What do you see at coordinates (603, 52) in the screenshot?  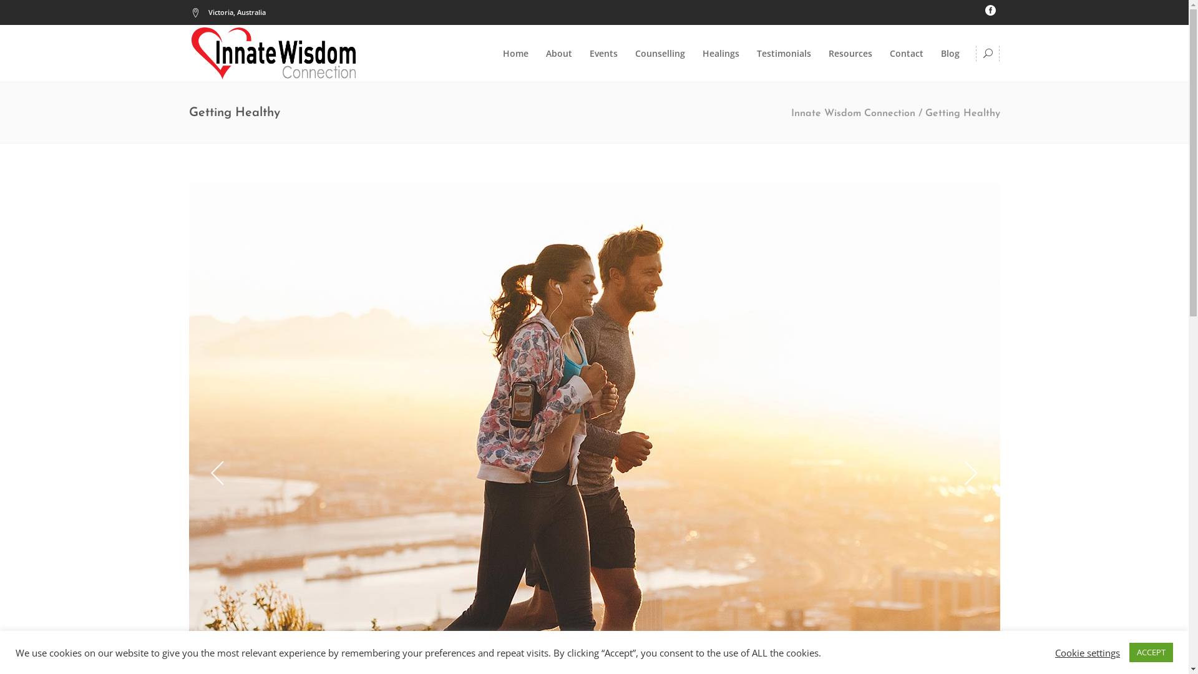 I see `'Events'` at bounding box center [603, 52].